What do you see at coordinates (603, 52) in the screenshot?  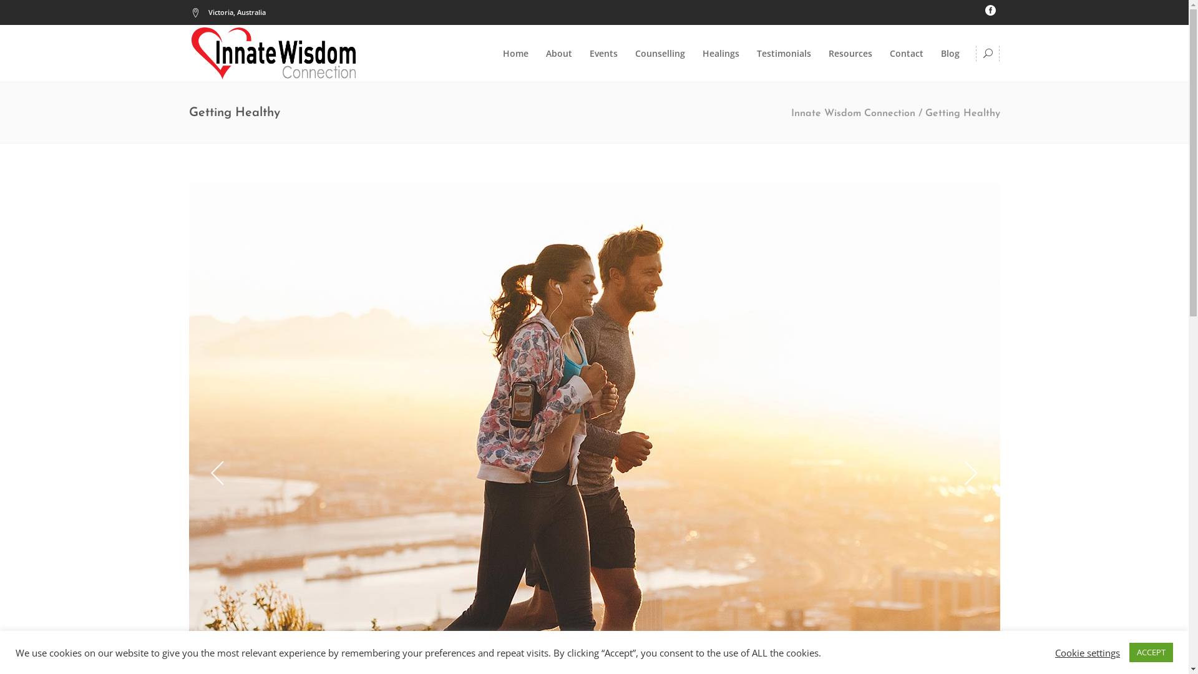 I see `'Events'` at bounding box center [603, 52].